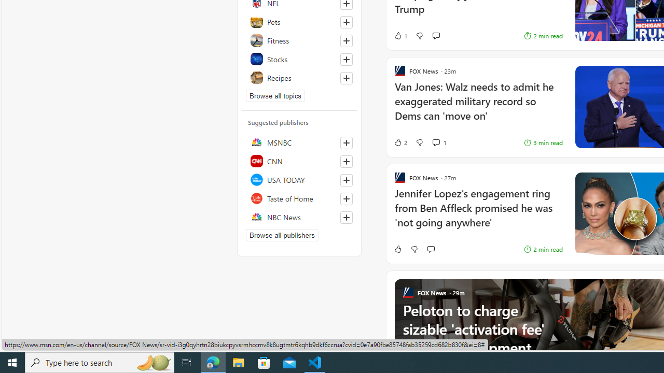  What do you see at coordinates (299, 22) in the screenshot?
I see `'Pets'` at bounding box center [299, 22].